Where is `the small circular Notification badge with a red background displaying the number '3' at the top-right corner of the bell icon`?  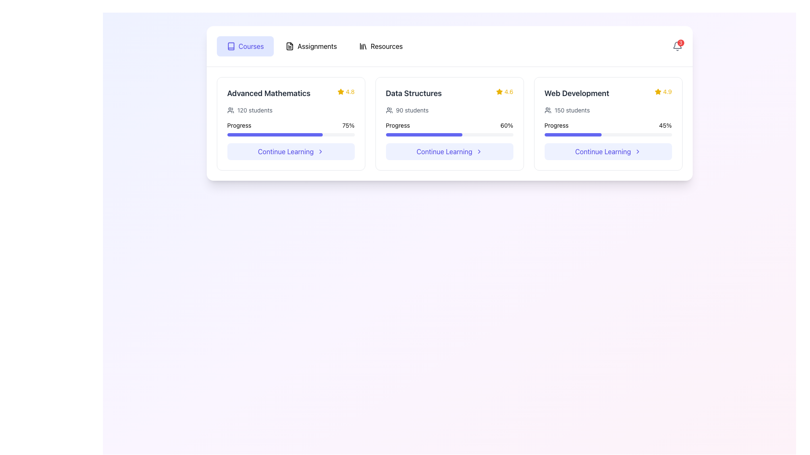 the small circular Notification badge with a red background displaying the number '3' at the top-right corner of the bell icon is located at coordinates (680, 43).